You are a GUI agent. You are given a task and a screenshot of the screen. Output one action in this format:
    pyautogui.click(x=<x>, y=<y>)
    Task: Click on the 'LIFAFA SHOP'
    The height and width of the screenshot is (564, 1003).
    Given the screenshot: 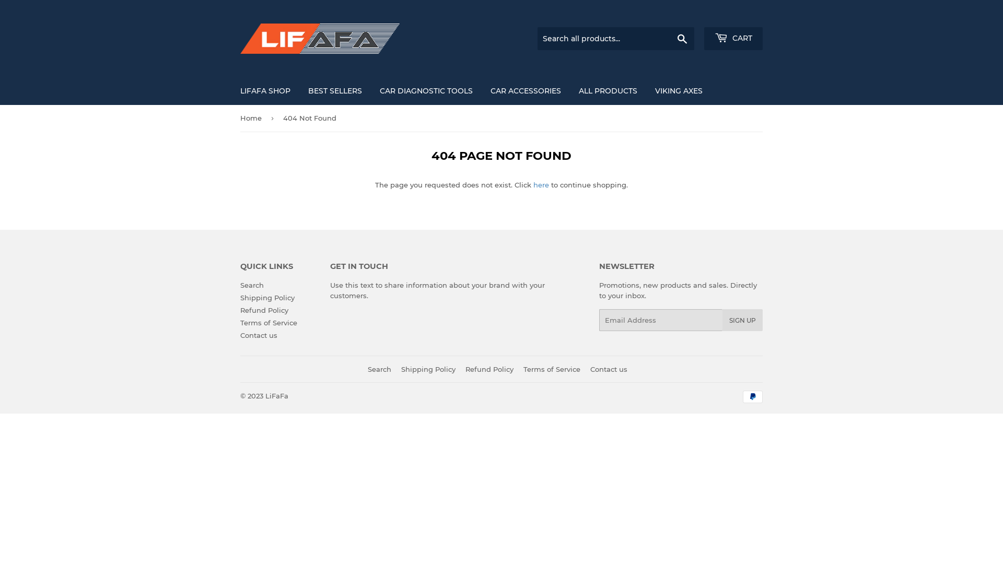 What is the action you would take?
    pyautogui.click(x=232, y=90)
    